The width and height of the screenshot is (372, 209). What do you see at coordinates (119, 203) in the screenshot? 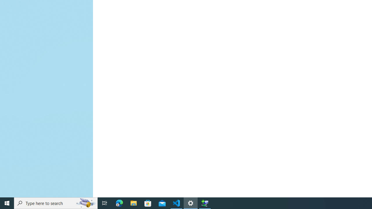
I see `'Microsoft Edge'` at bounding box center [119, 203].